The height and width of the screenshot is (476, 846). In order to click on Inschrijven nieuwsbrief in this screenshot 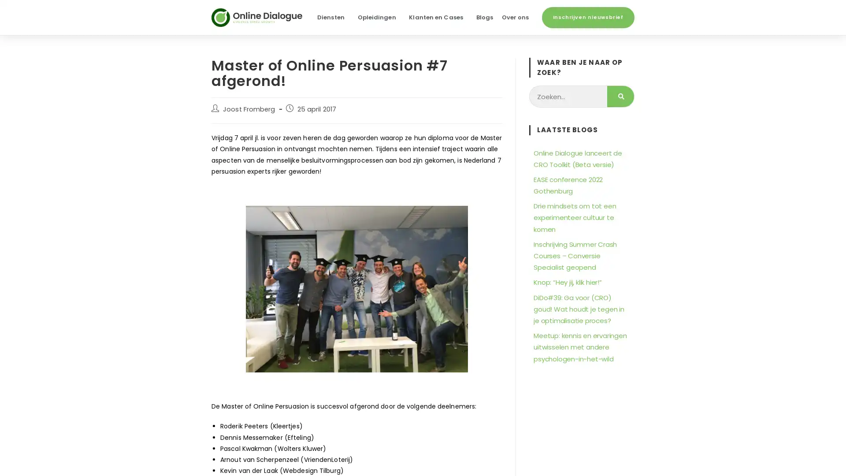, I will do `click(588, 17)`.